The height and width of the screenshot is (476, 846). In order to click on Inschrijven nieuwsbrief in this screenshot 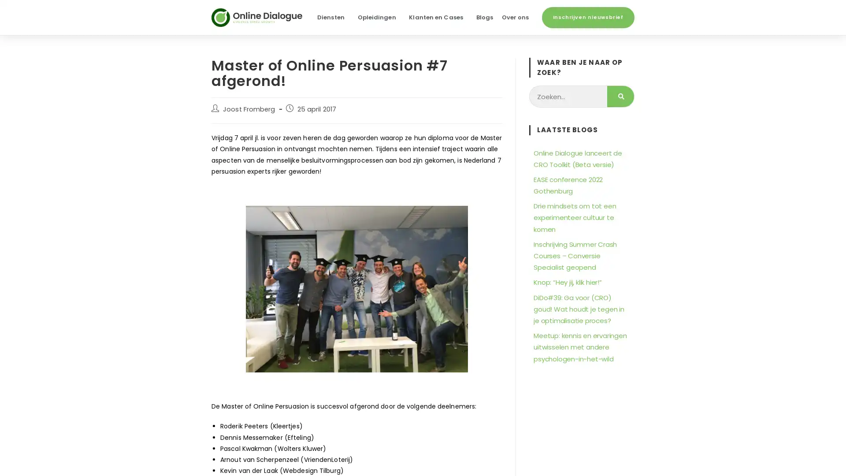, I will do `click(588, 17)`.